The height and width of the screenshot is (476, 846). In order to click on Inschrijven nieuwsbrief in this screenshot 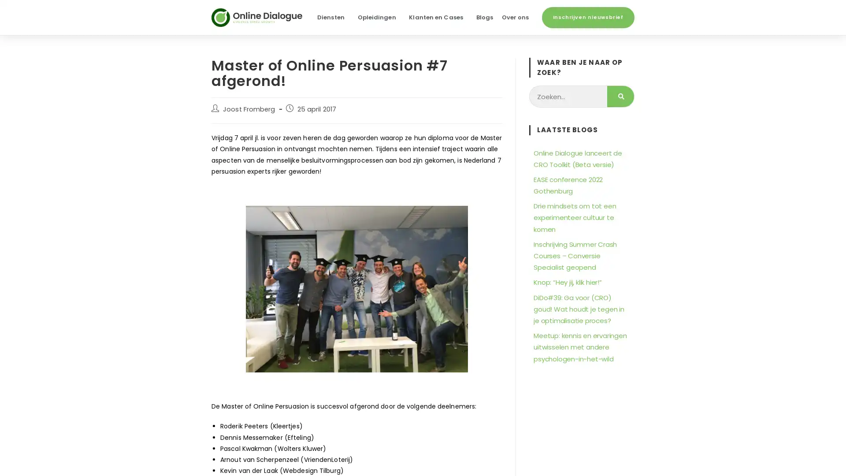, I will do `click(588, 17)`.